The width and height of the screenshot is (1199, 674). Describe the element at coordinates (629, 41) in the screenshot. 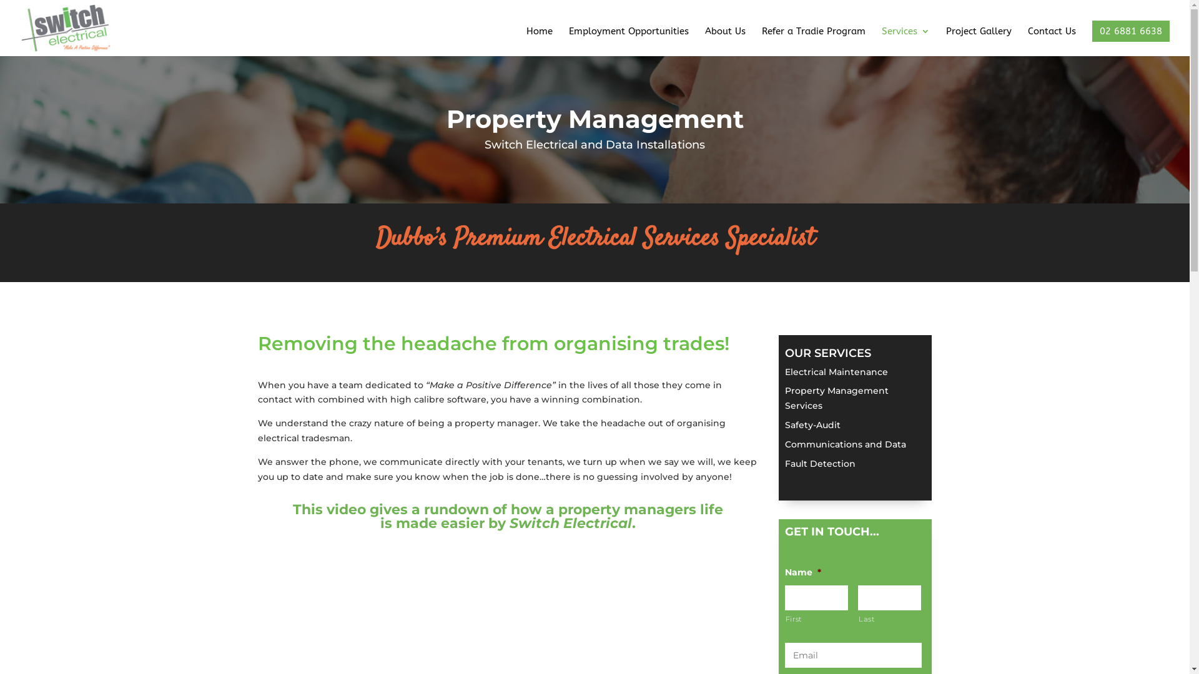

I see `'Employment Opportunities'` at that location.